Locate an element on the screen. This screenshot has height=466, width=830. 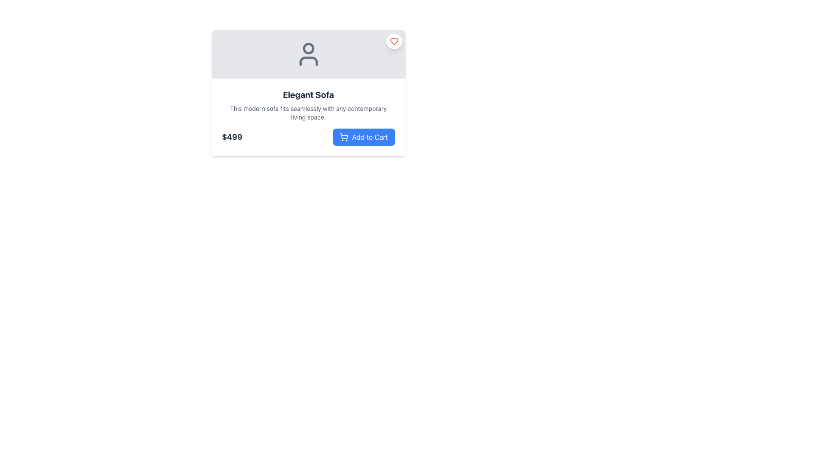
the text element displaying the description 'This modern sofa fits seamlessly with any contemporary living space.', which is centrally aligned below the product title 'Elegant Sofa' is located at coordinates (308, 113).